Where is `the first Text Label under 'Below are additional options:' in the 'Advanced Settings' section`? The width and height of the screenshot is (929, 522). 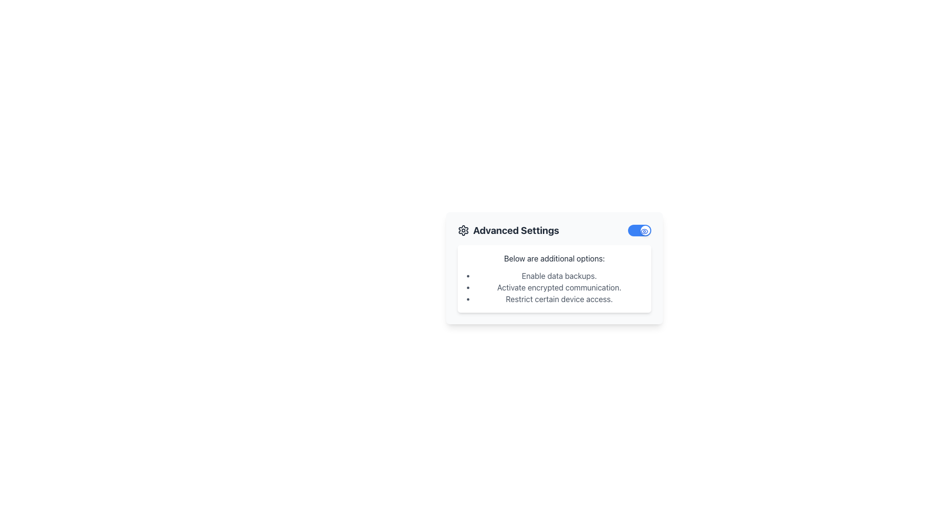 the first Text Label under 'Below are additional options:' in the 'Advanced Settings' section is located at coordinates (559, 275).